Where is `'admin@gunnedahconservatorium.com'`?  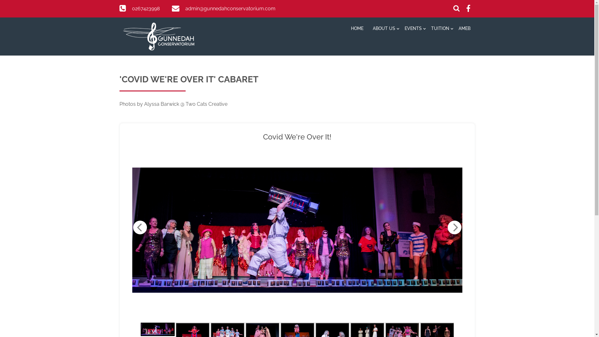
'admin@gunnedahconservatorium.com' is located at coordinates (230, 8).